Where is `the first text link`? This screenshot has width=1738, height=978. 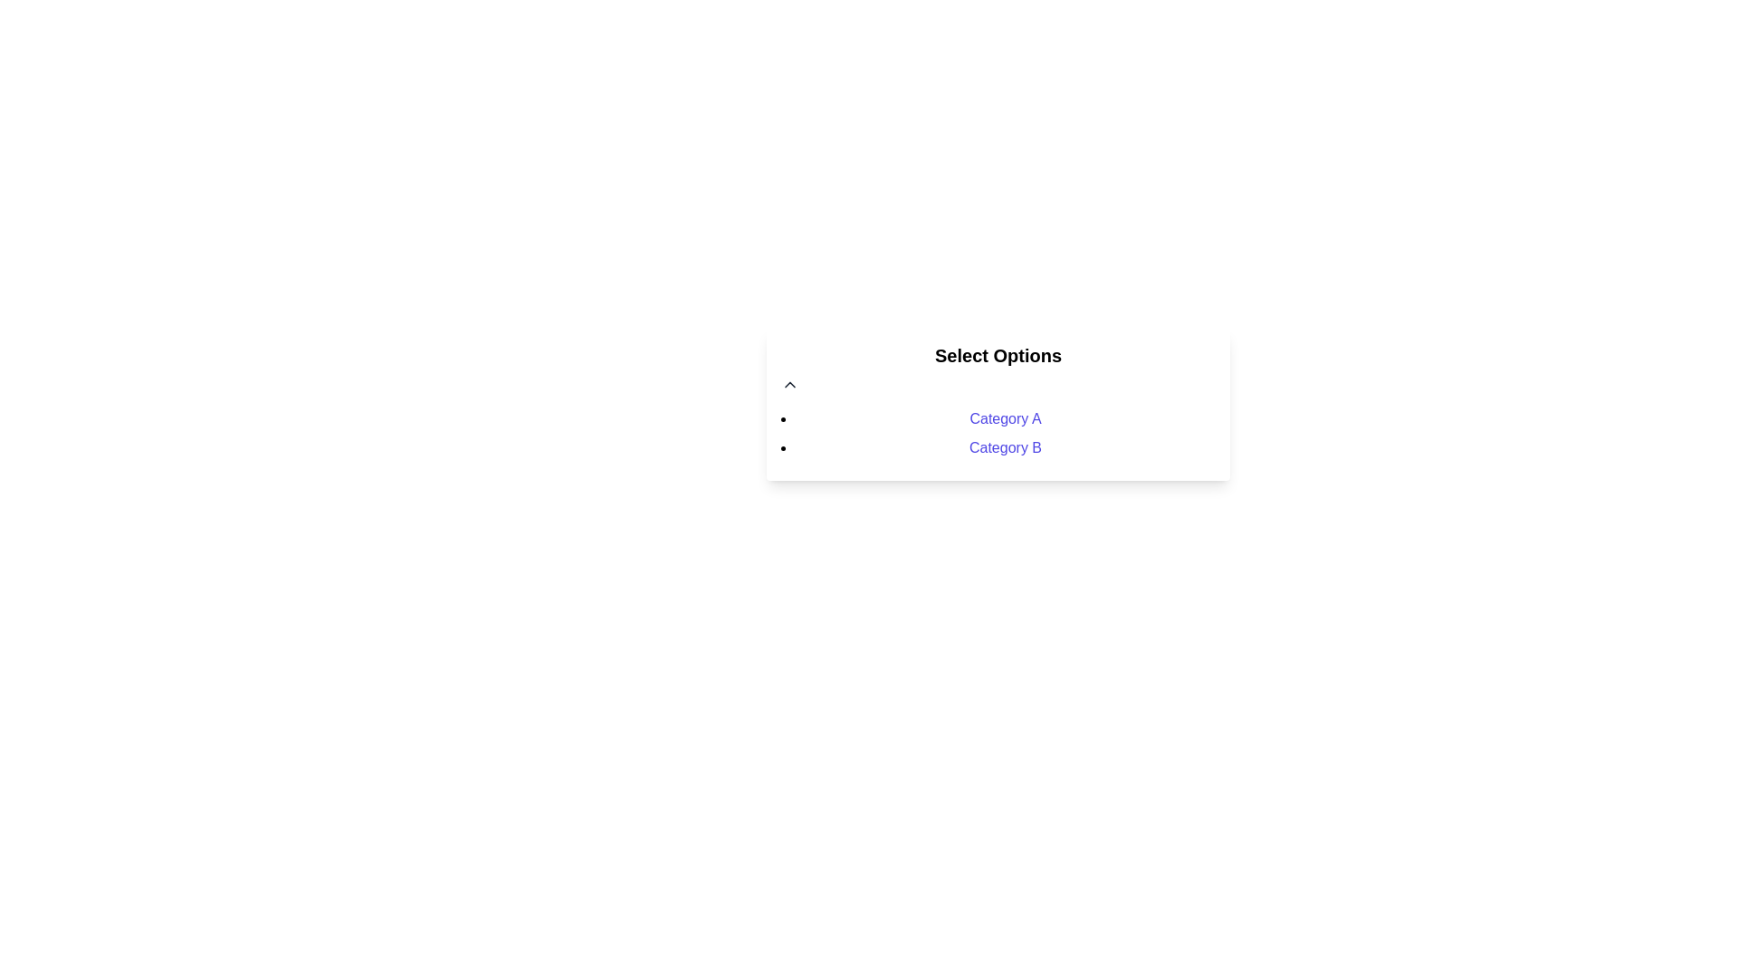
the first text link is located at coordinates (1004, 418).